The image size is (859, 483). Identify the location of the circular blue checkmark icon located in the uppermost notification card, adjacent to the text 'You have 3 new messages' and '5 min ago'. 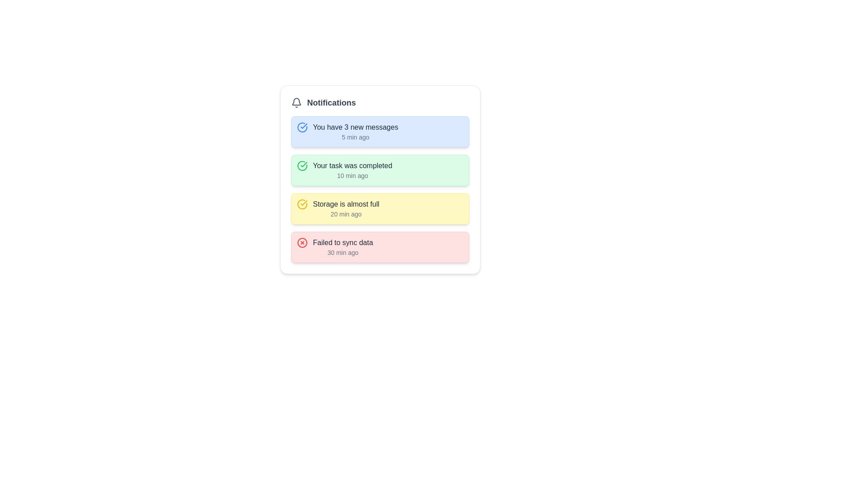
(302, 127).